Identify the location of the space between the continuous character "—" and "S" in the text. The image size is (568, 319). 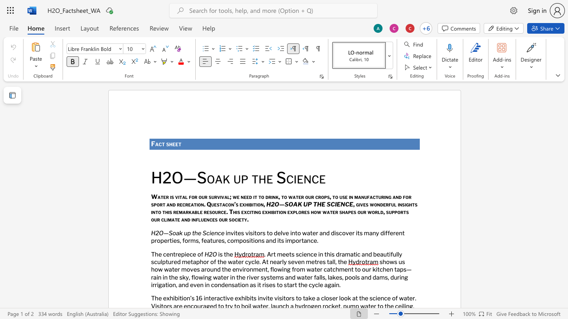
(168, 232).